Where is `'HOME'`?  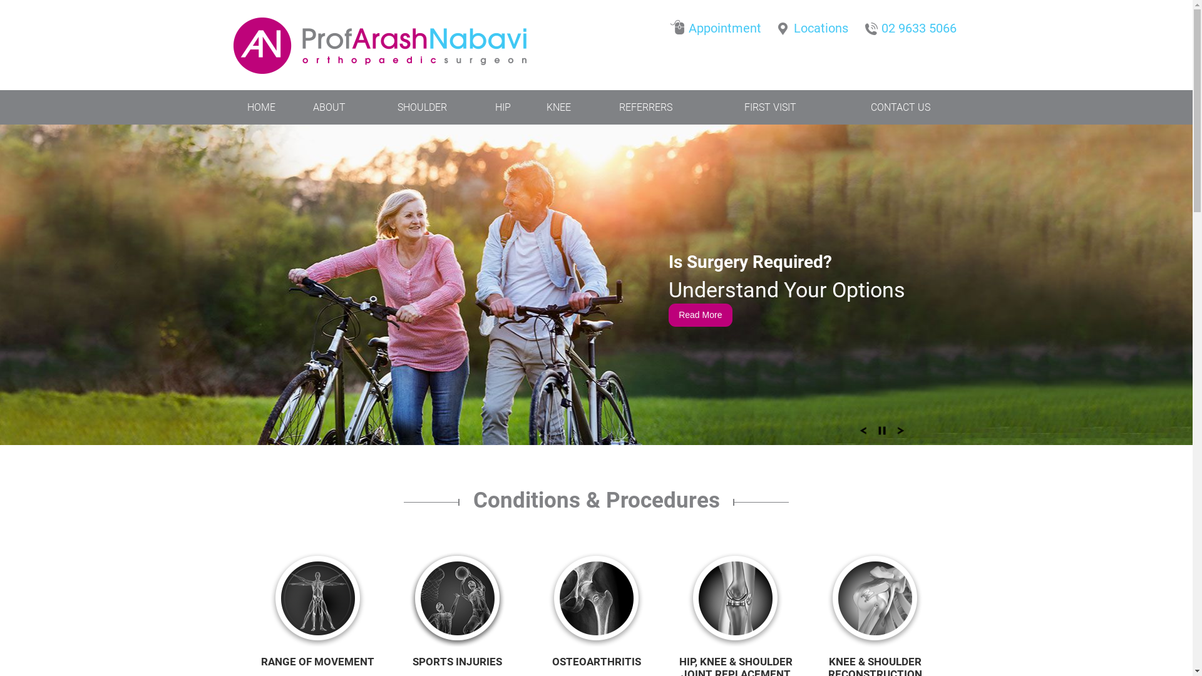
'HOME' is located at coordinates (260, 106).